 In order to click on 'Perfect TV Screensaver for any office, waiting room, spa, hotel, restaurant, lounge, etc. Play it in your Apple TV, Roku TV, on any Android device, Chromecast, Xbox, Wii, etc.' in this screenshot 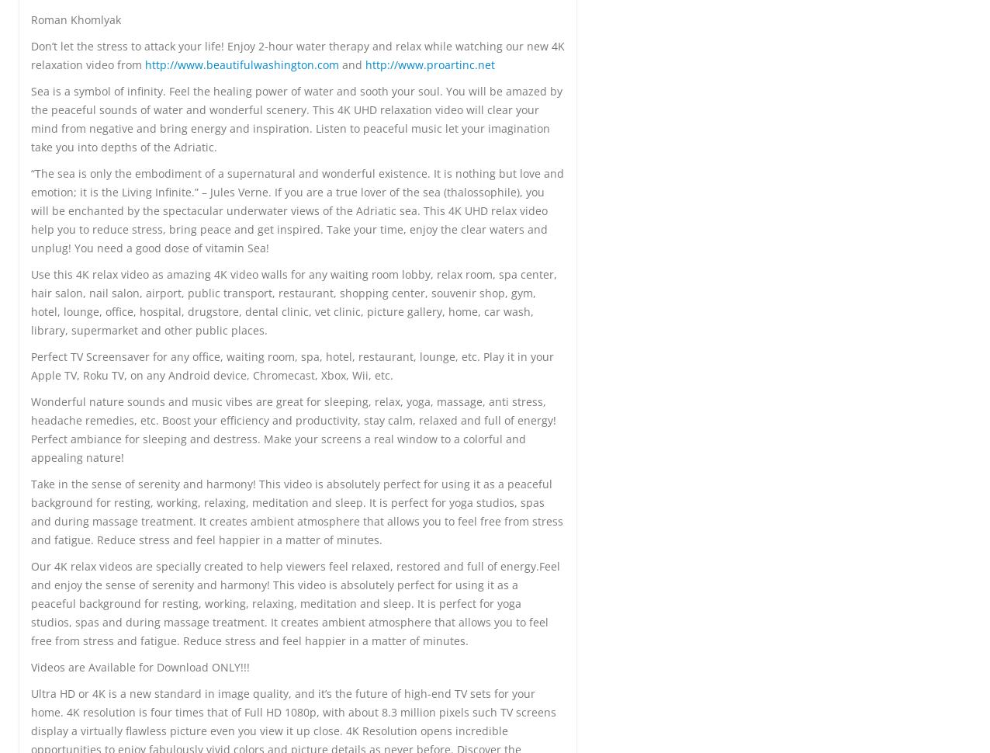, I will do `click(292, 364)`.